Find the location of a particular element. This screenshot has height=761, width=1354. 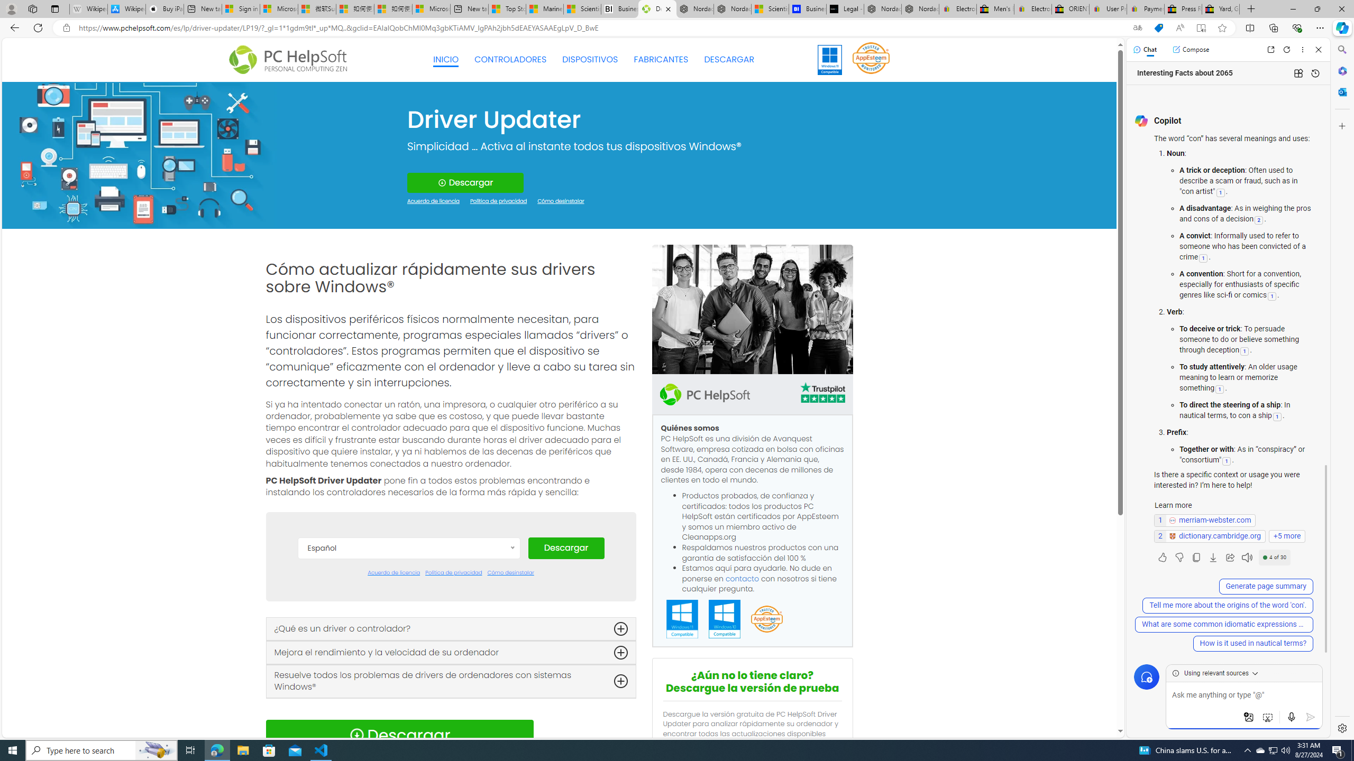

'Logo Personal Computing' is located at coordinates (291, 59).